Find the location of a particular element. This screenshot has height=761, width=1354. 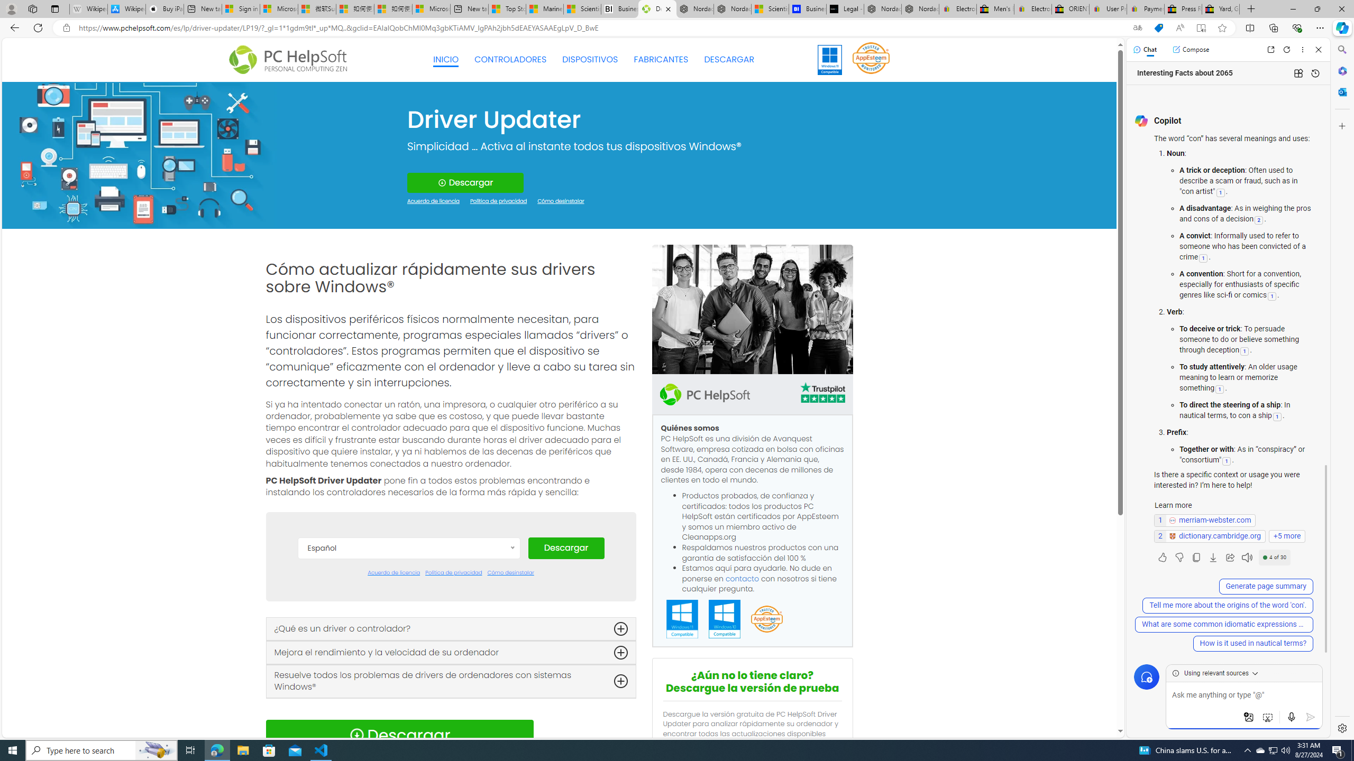

'Logo Personal Computing' is located at coordinates (291, 59).